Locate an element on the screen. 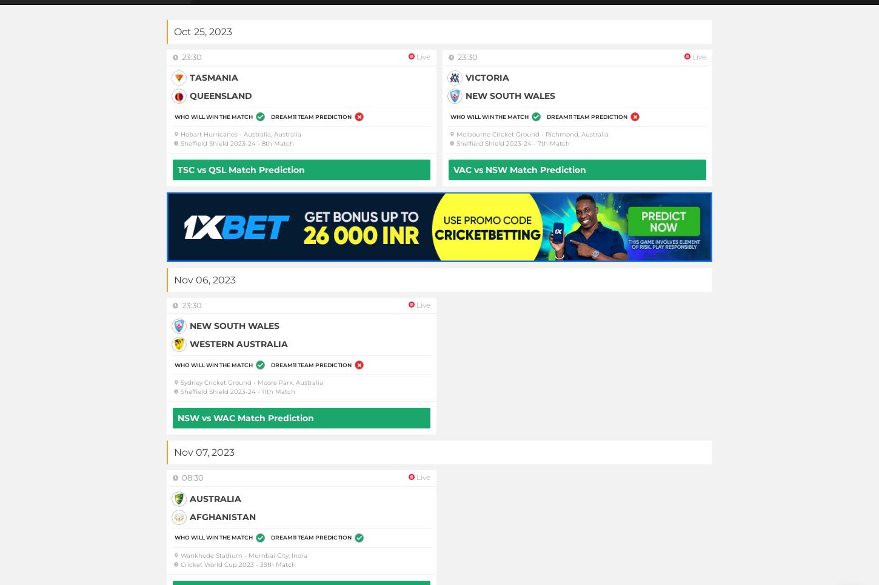 Image resolution: width=879 pixels, height=585 pixels. '39th Match' is located at coordinates (259, 564).